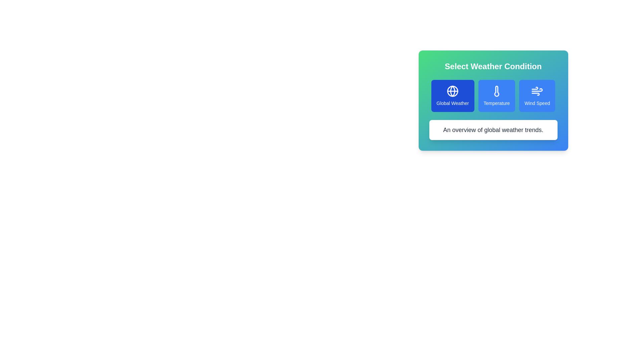  Describe the element at coordinates (496, 96) in the screenshot. I see `the button corresponding to Temperature to select the desired weather condition` at that location.